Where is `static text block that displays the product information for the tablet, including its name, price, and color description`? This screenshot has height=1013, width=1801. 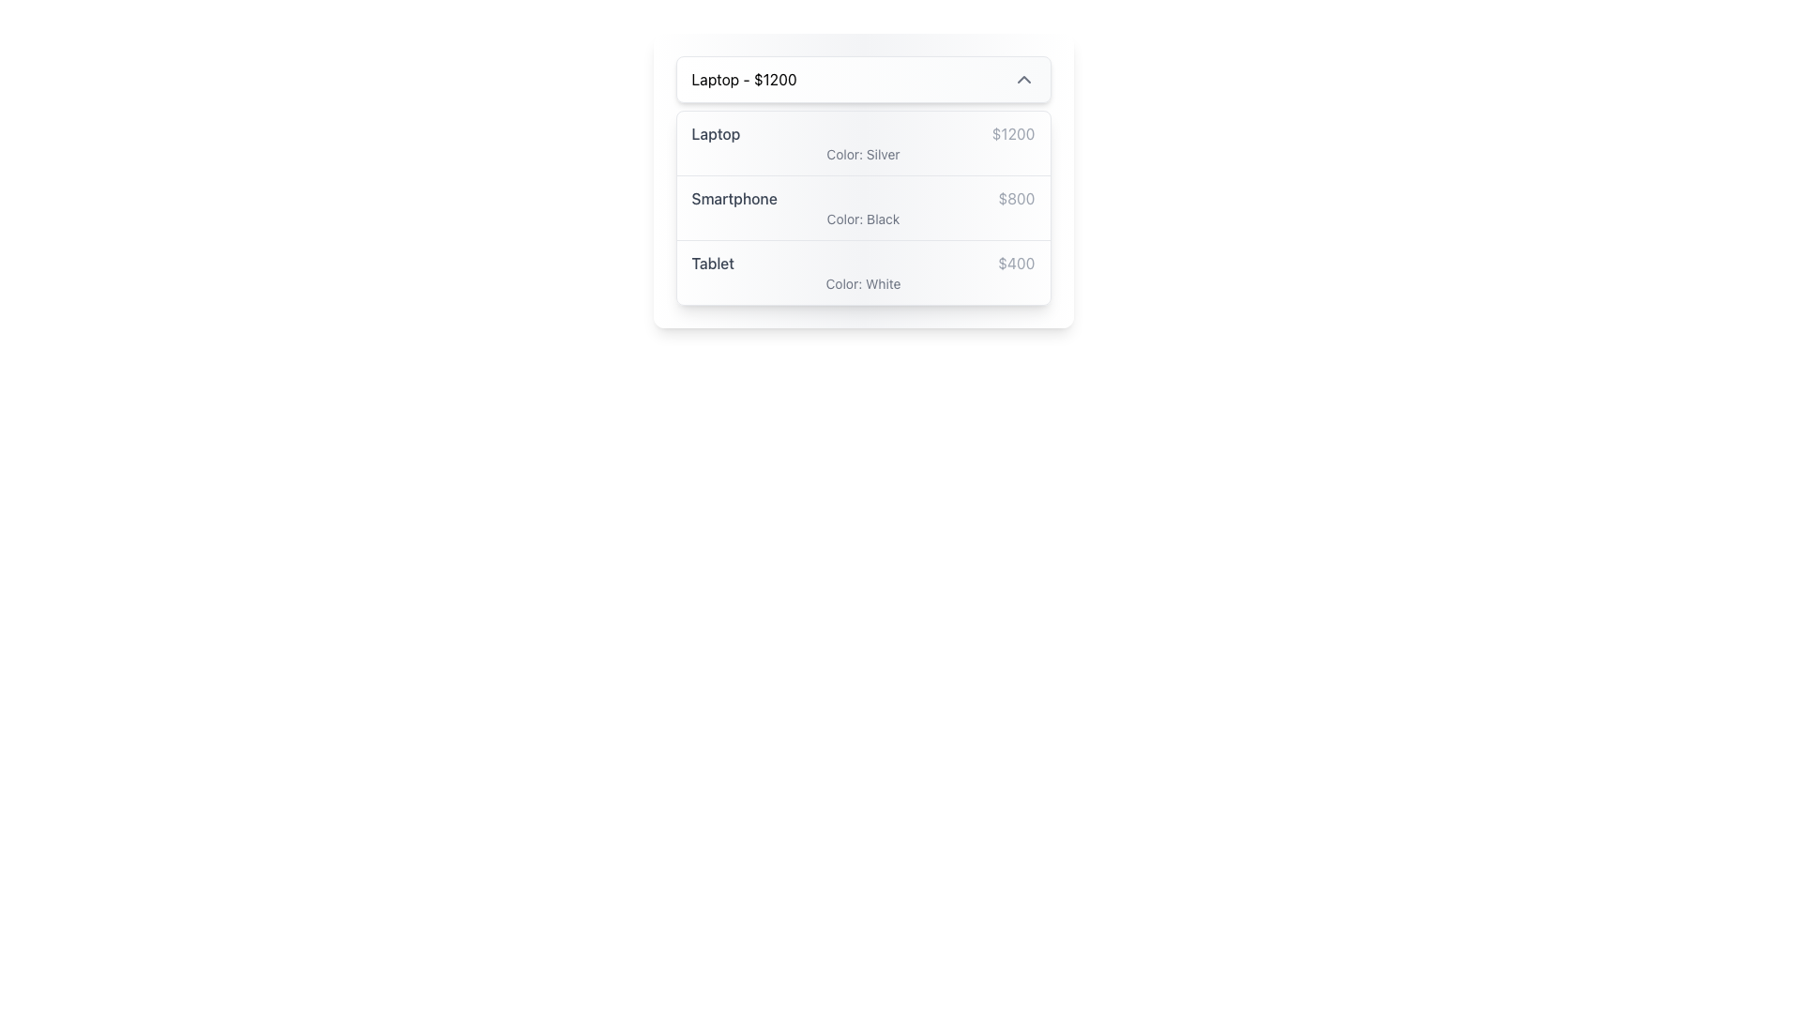
static text block that displays the product information for the tablet, including its name, price, and color description is located at coordinates (862, 272).